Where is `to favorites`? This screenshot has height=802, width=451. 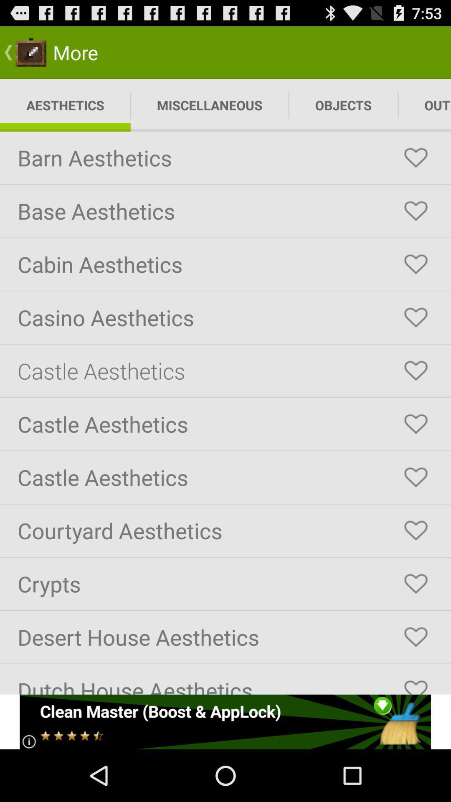
to favorites is located at coordinates (416, 530).